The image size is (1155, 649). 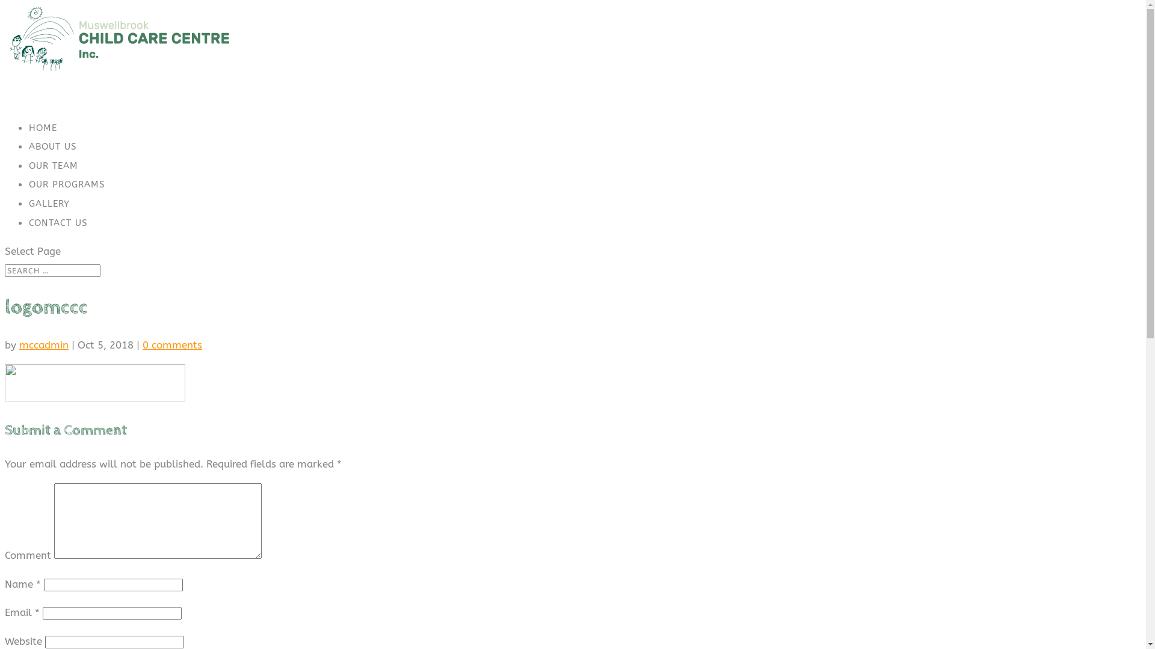 What do you see at coordinates (142, 345) in the screenshot?
I see `'0 comments'` at bounding box center [142, 345].